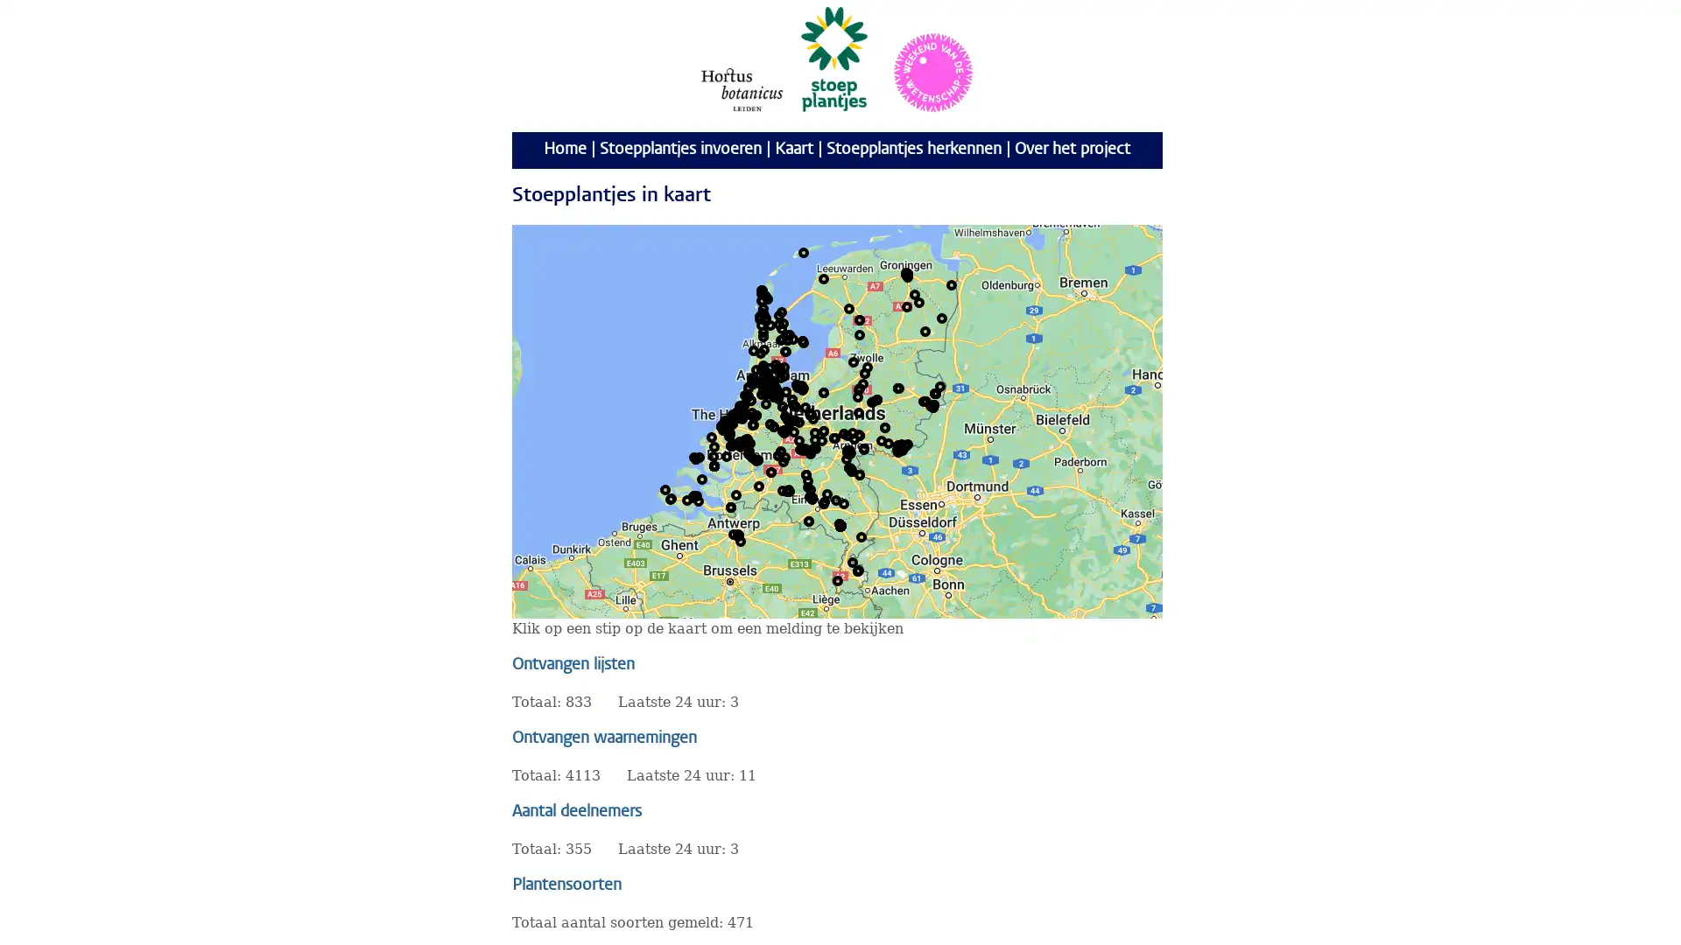 The width and height of the screenshot is (1681, 945). What do you see at coordinates (791, 398) in the screenshot?
I see `Telling van Jaap Cost Budde op 29 december 2021` at bounding box center [791, 398].